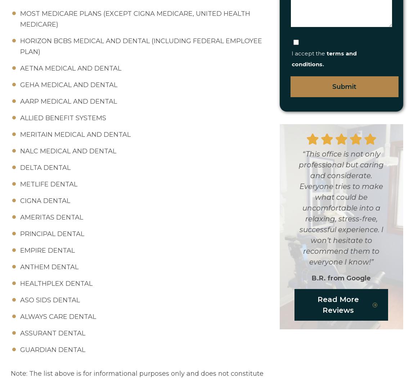 The image size is (414, 379). What do you see at coordinates (291, 58) in the screenshot?
I see `'terms and conditions.'` at bounding box center [291, 58].